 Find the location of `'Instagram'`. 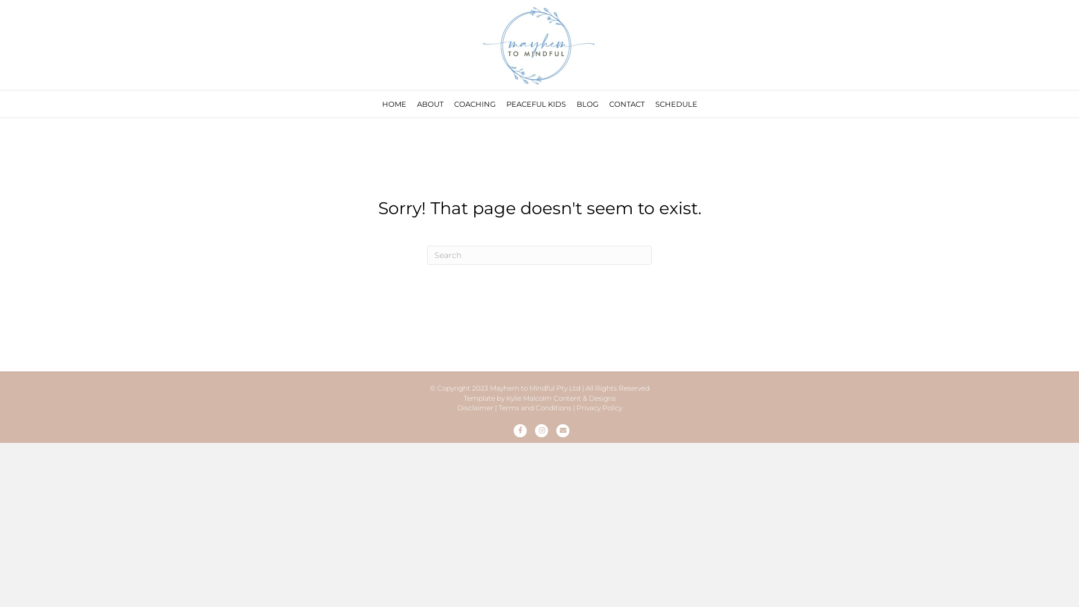

'Instagram' is located at coordinates (533, 430).